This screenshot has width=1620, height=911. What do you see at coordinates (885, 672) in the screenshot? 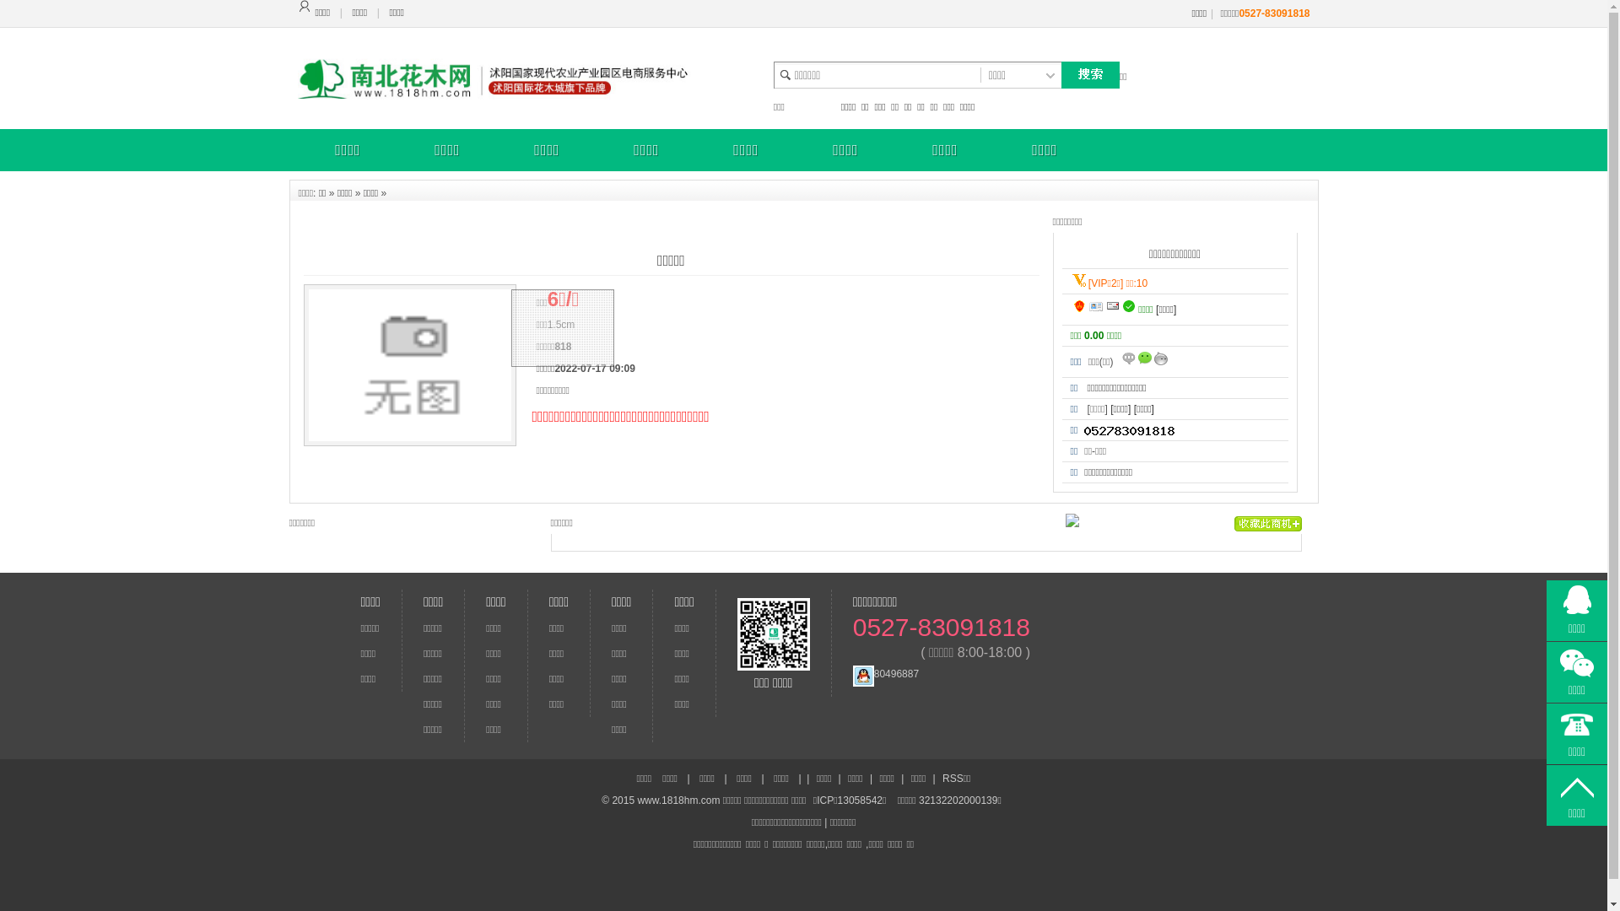
I see `'80496887'` at bounding box center [885, 672].